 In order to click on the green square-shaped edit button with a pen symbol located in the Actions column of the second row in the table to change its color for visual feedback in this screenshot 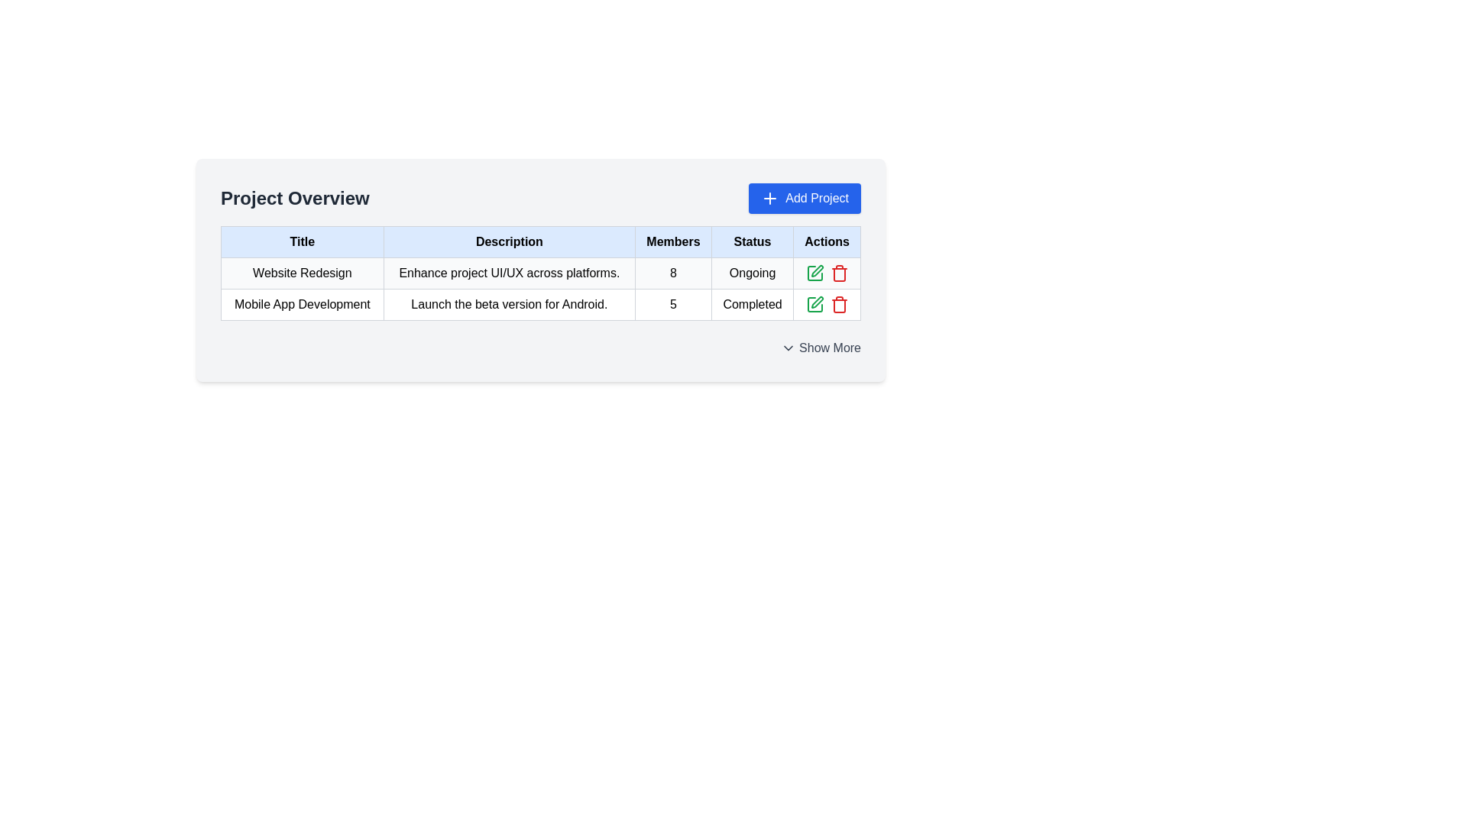, I will do `click(814, 273)`.